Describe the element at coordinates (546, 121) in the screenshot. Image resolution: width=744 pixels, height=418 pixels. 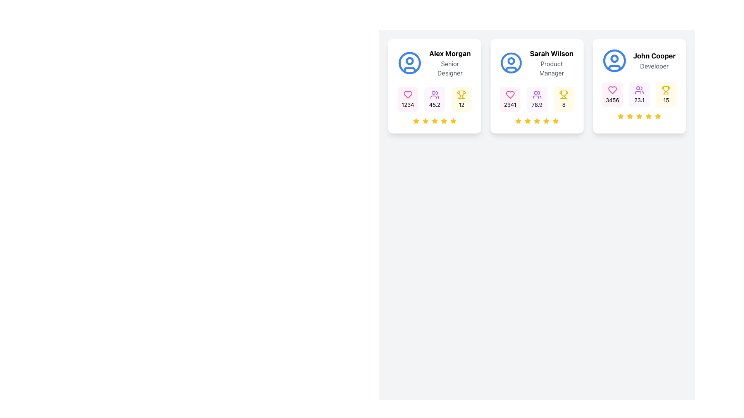
I see `the sixth yellow star icon in the rating system below the profile card of 'Sarah Wilson - Product Manager' using a touch interface` at that location.